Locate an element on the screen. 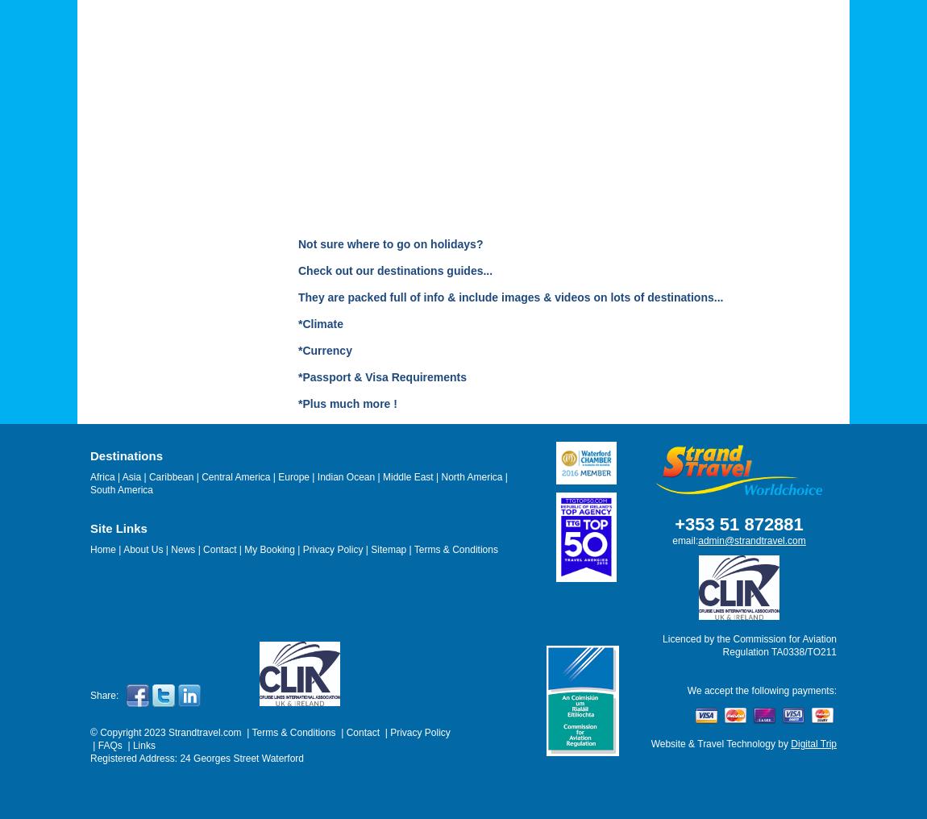 The width and height of the screenshot is (927, 819). 'North America' is located at coordinates (471, 477).